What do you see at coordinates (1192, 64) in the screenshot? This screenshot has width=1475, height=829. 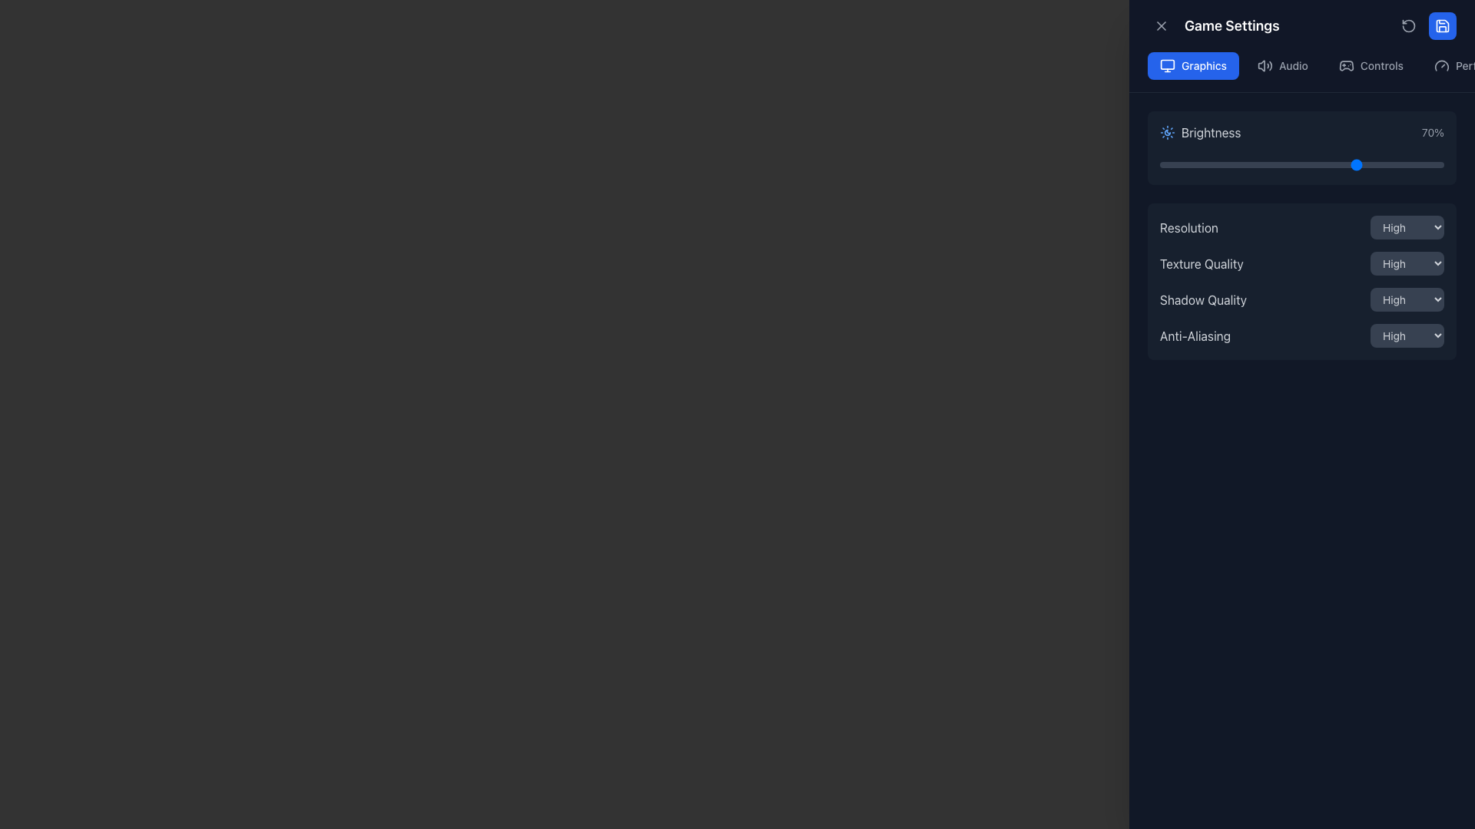 I see `the 'Graphics' button, which is a rectangular button with rounded corners, a blue background, and white text, located near the top of the interface as the first button in a row of navigation buttons` at bounding box center [1192, 64].